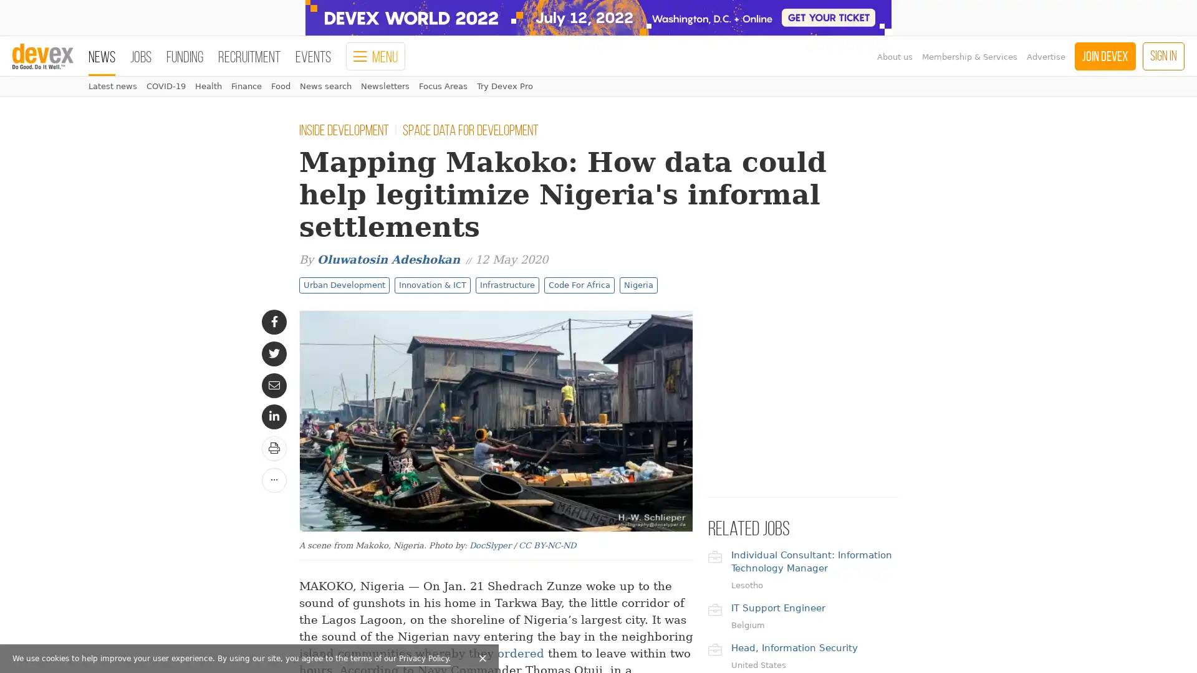 This screenshot has width=1197, height=673. Describe the element at coordinates (375, 56) in the screenshot. I see `Menu` at that location.